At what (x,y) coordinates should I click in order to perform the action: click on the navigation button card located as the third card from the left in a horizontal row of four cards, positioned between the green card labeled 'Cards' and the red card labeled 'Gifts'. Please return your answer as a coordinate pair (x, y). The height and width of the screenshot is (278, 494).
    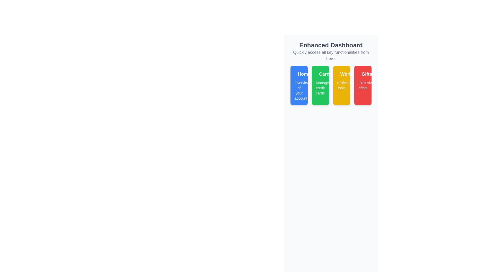
    Looking at the image, I should click on (341, 85).